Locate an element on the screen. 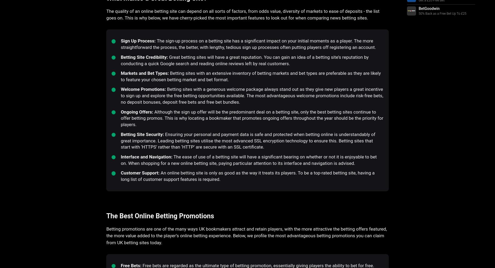 The height and width of the screenshot is (268, 495). 'An online betting site is only as good as the way it treats its players. To be a top-rated betting site, having a long list of customer support features is required.' is located at coordinates (247, 176).